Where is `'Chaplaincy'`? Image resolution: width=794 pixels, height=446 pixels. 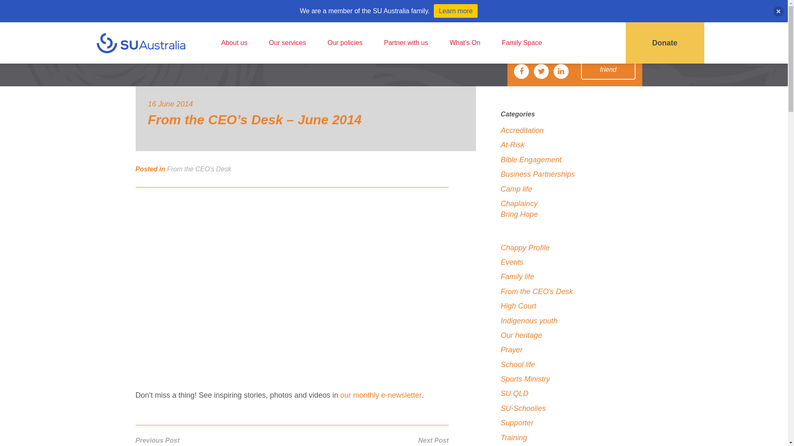 'Chaplaincy' is located at coordinates (519, 204).